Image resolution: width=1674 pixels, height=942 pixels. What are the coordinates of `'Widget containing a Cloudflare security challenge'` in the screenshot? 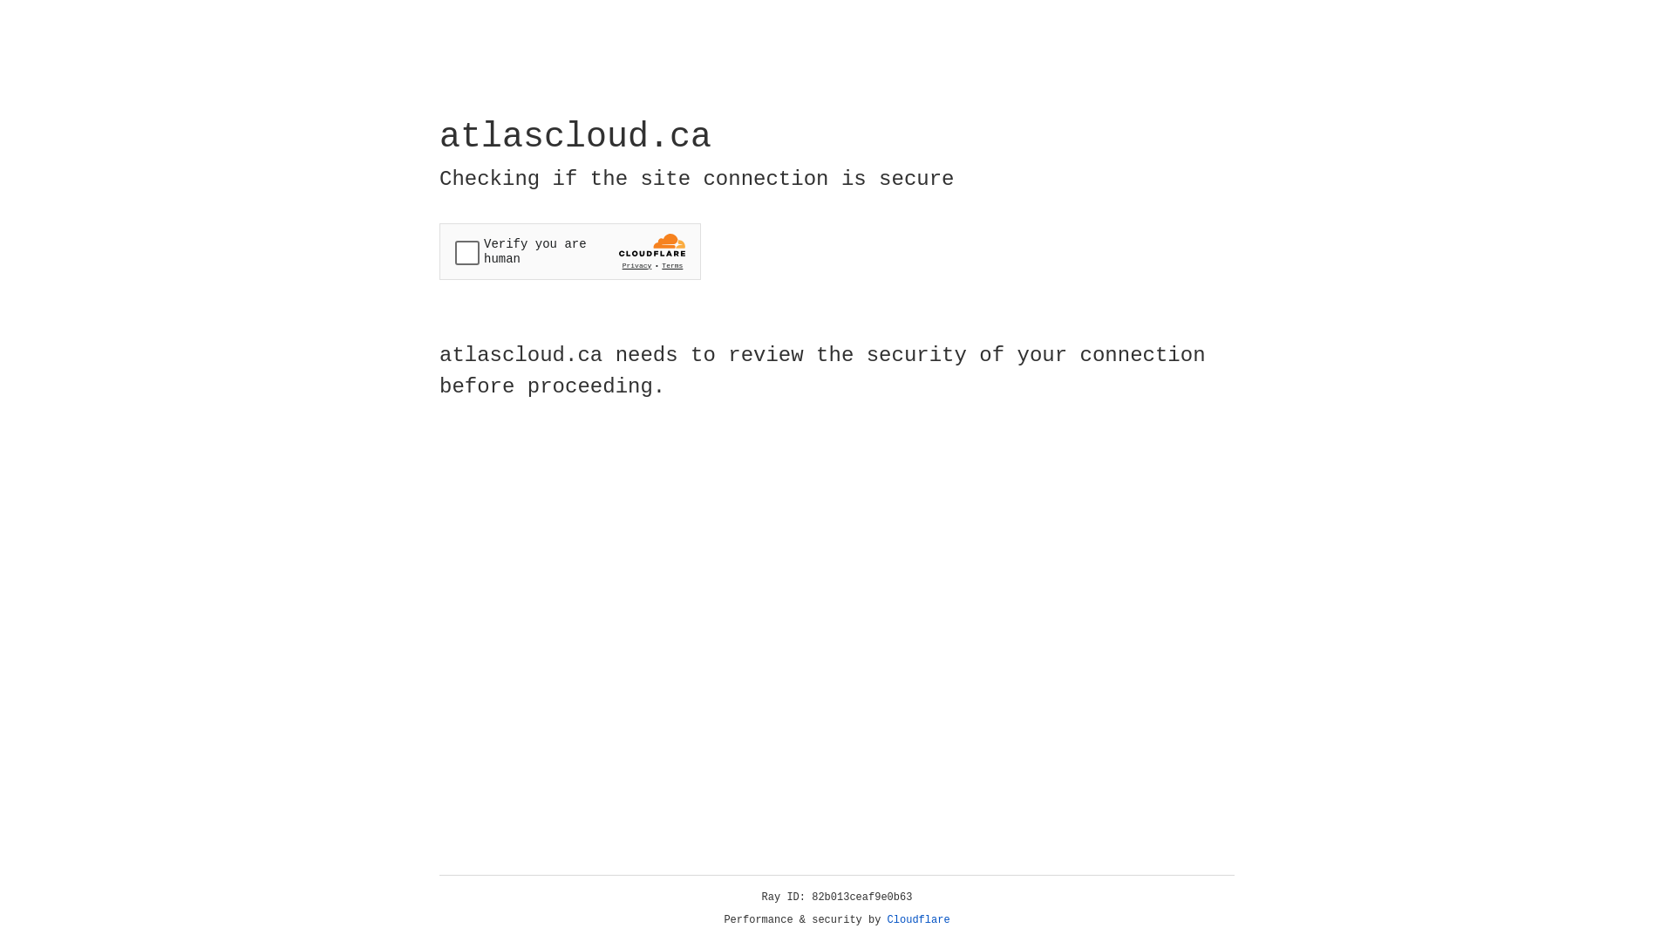 It's located at (569, 251).